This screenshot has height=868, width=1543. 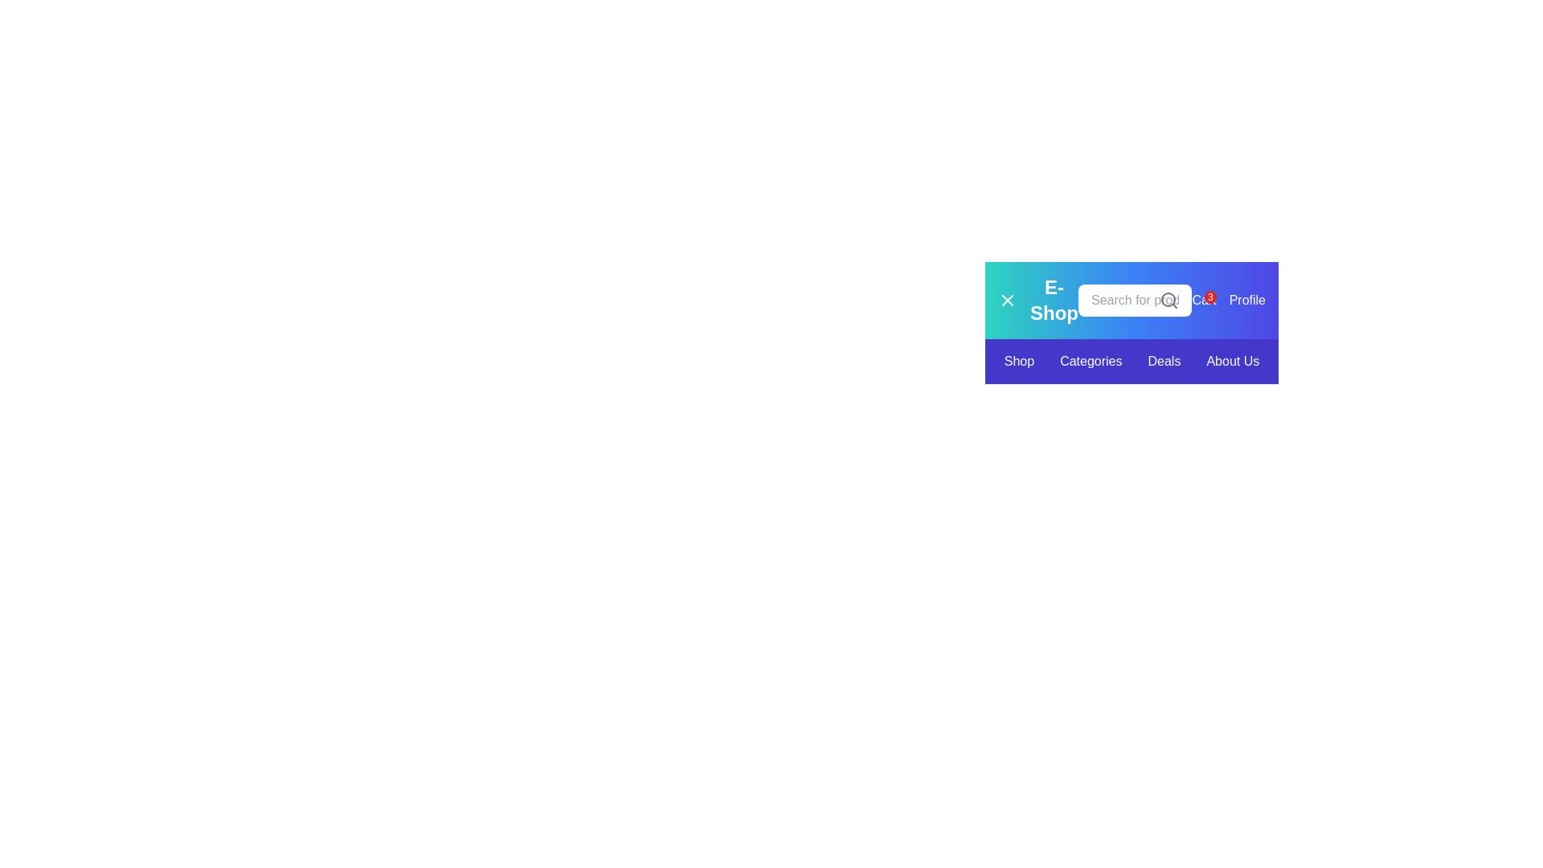 What do you see at coordinates (1169, 301) in the screenshot?
I see `the magnifying glass icon with a thin gray outline located inside the text input box on the header bar to initiate a search` at bounding box center [1169, 301].